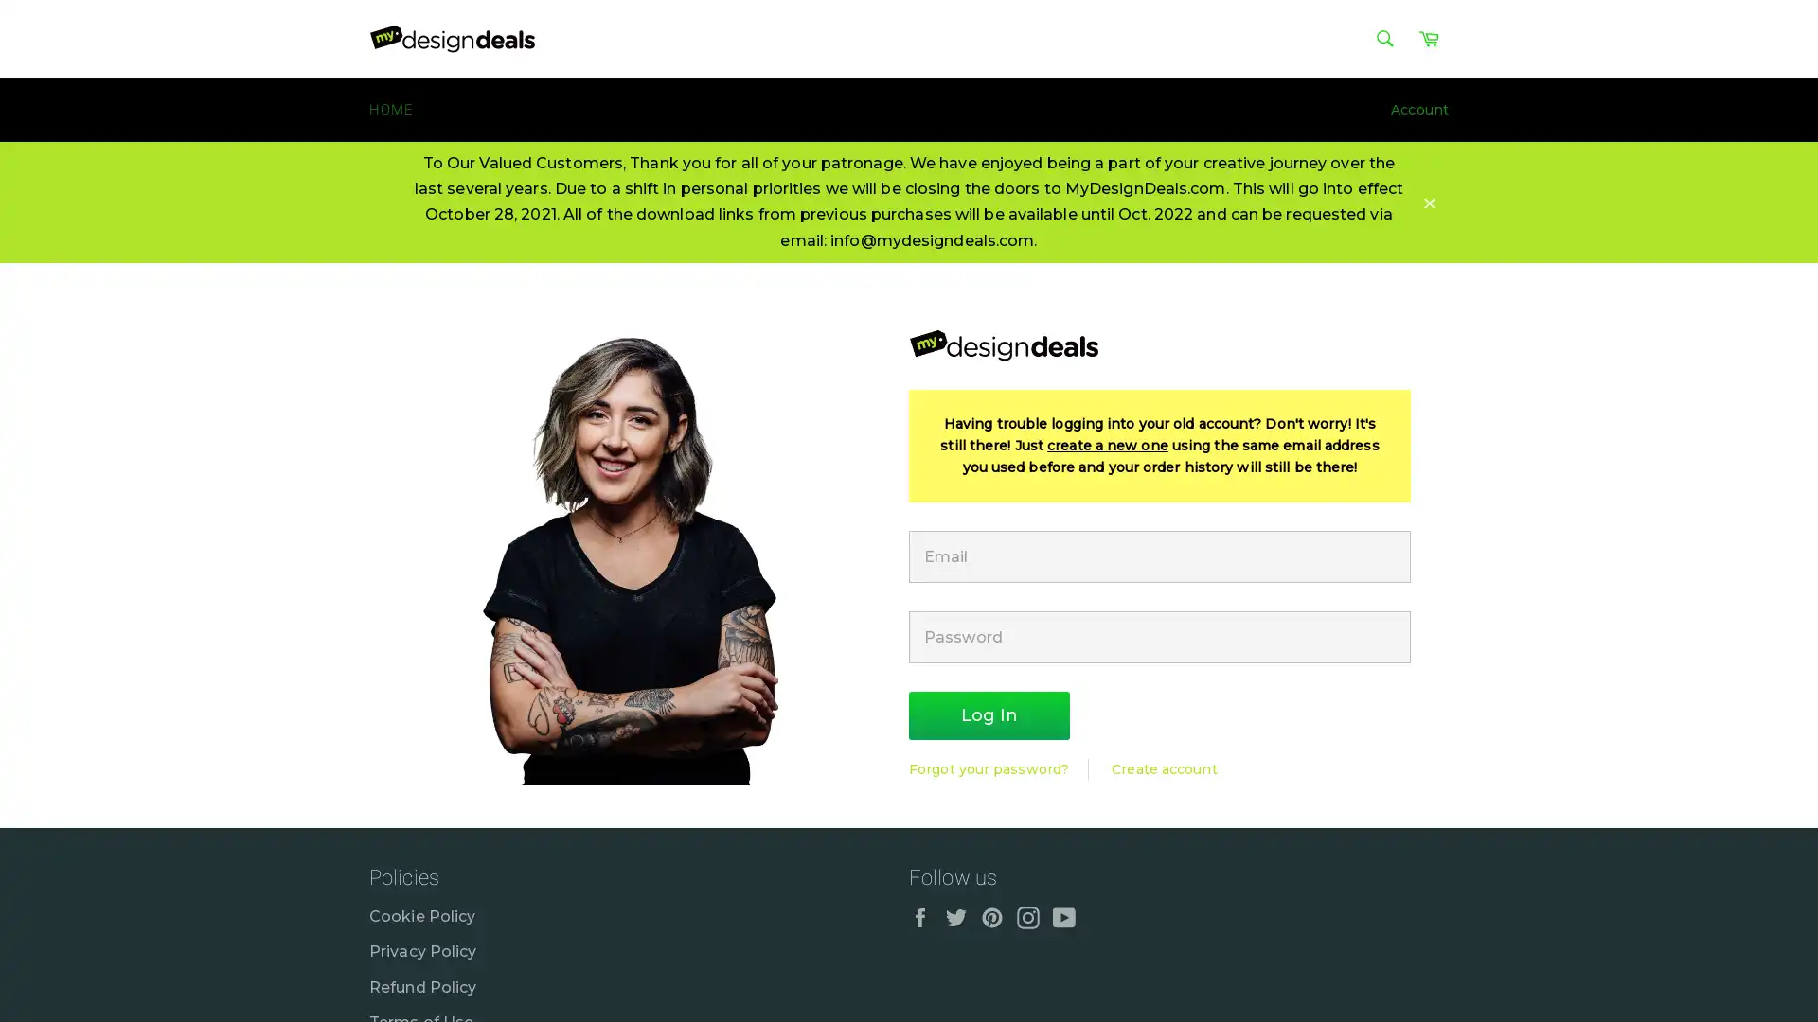  What do you see at coordinates (1779, 809) in the screenshot?
I see `0` at bounding box center [1779, 809].